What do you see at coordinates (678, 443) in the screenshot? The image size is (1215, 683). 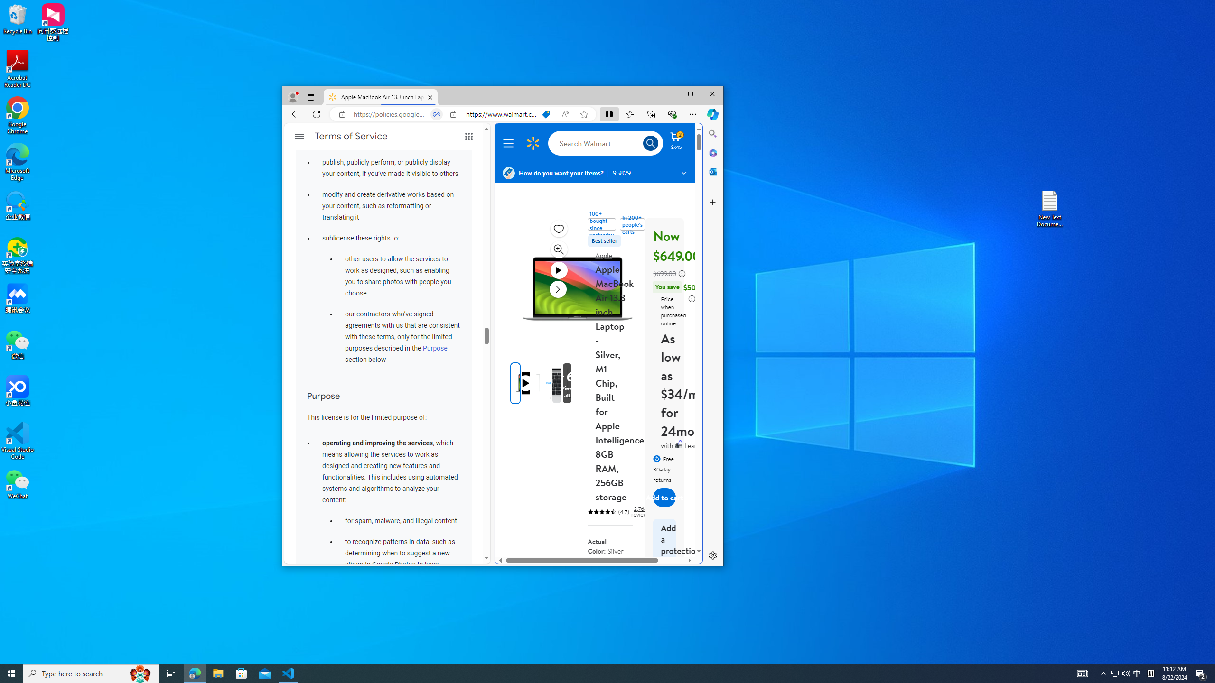 I see `'Affirm'` at bounding box center [678, 443].